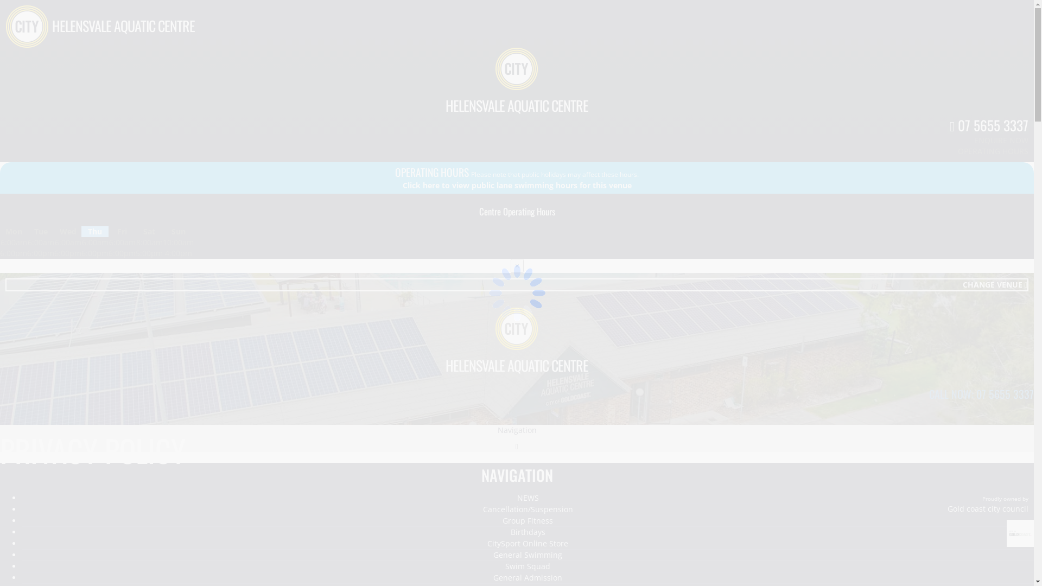  I want to click on '07 5655 3337', so click(989, 124).